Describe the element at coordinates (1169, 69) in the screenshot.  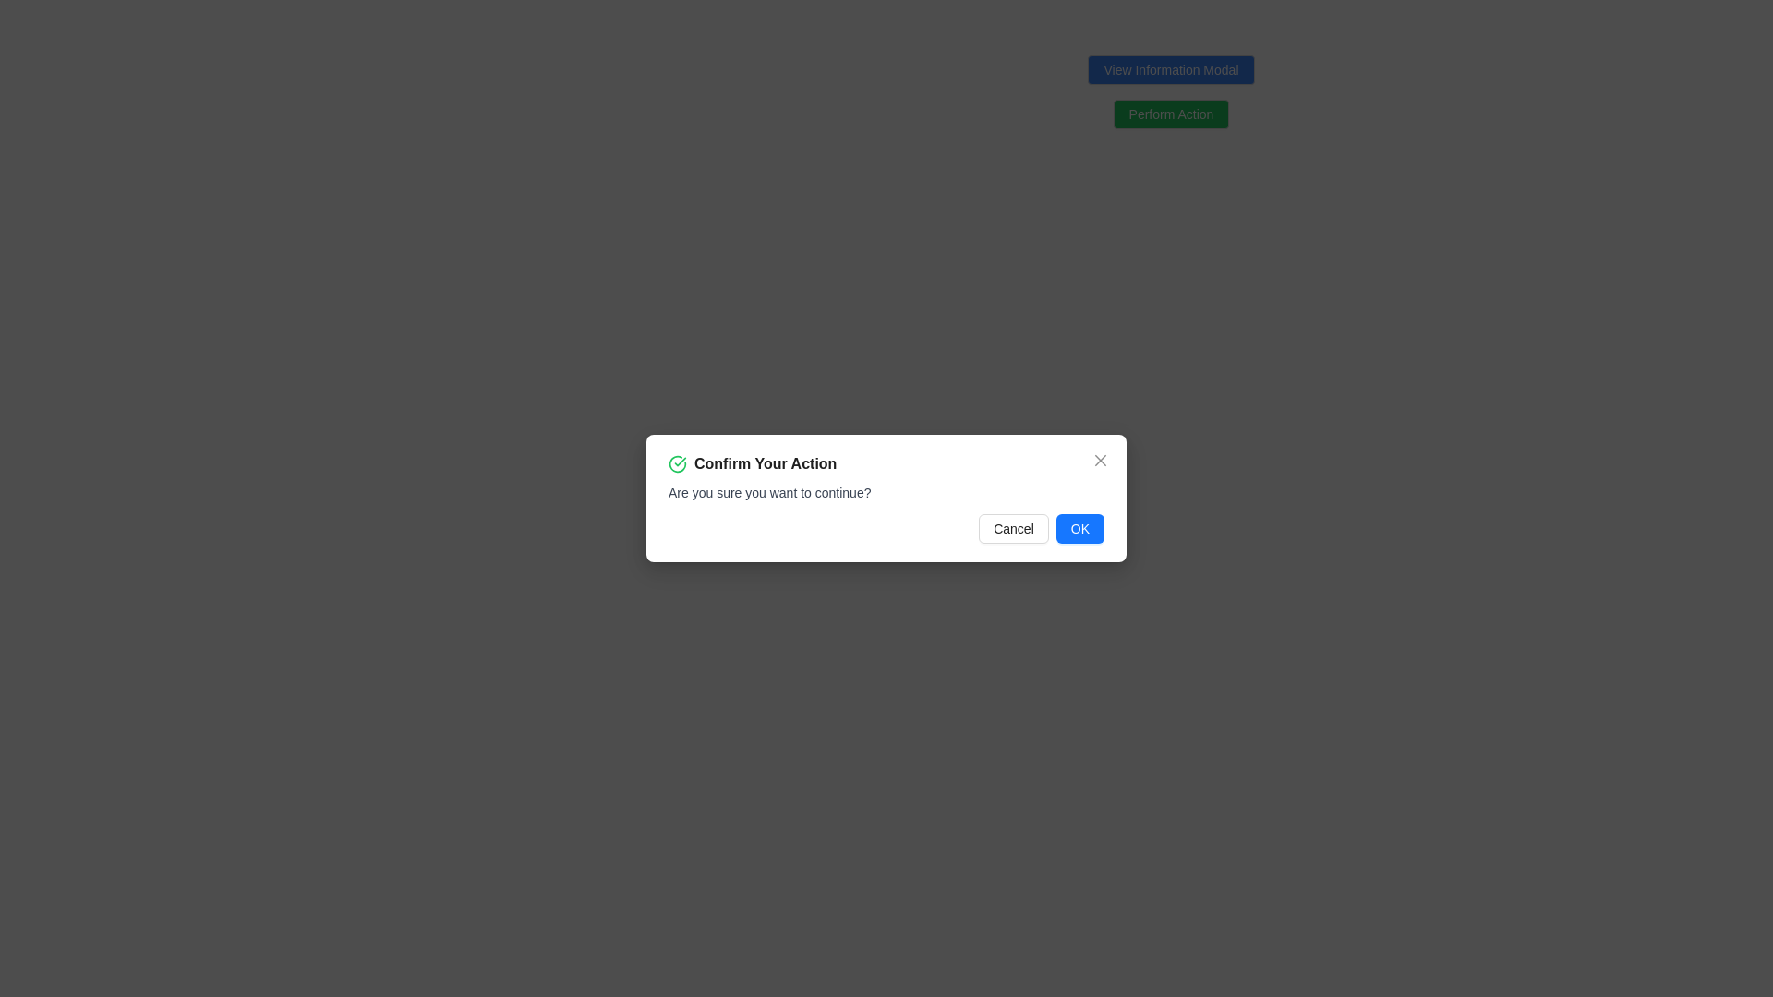
I see `the button labeled 'View Information Modal' which has a blue background and white text, located in the top-right quarter of the interface` at that location.